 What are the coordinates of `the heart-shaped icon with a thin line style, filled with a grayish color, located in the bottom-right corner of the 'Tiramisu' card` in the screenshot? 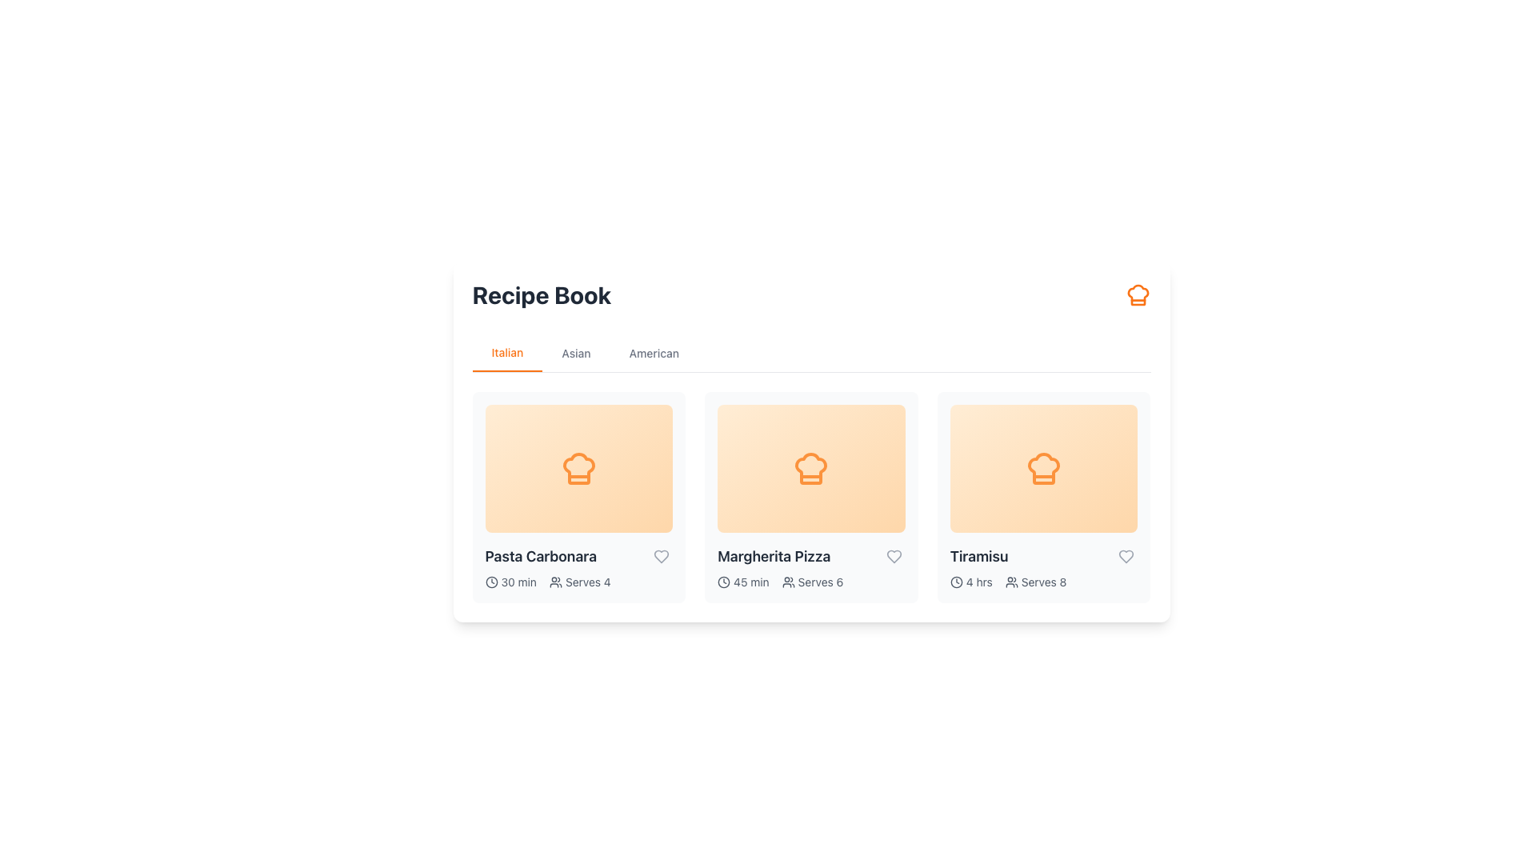 It's located at (1126, 555).